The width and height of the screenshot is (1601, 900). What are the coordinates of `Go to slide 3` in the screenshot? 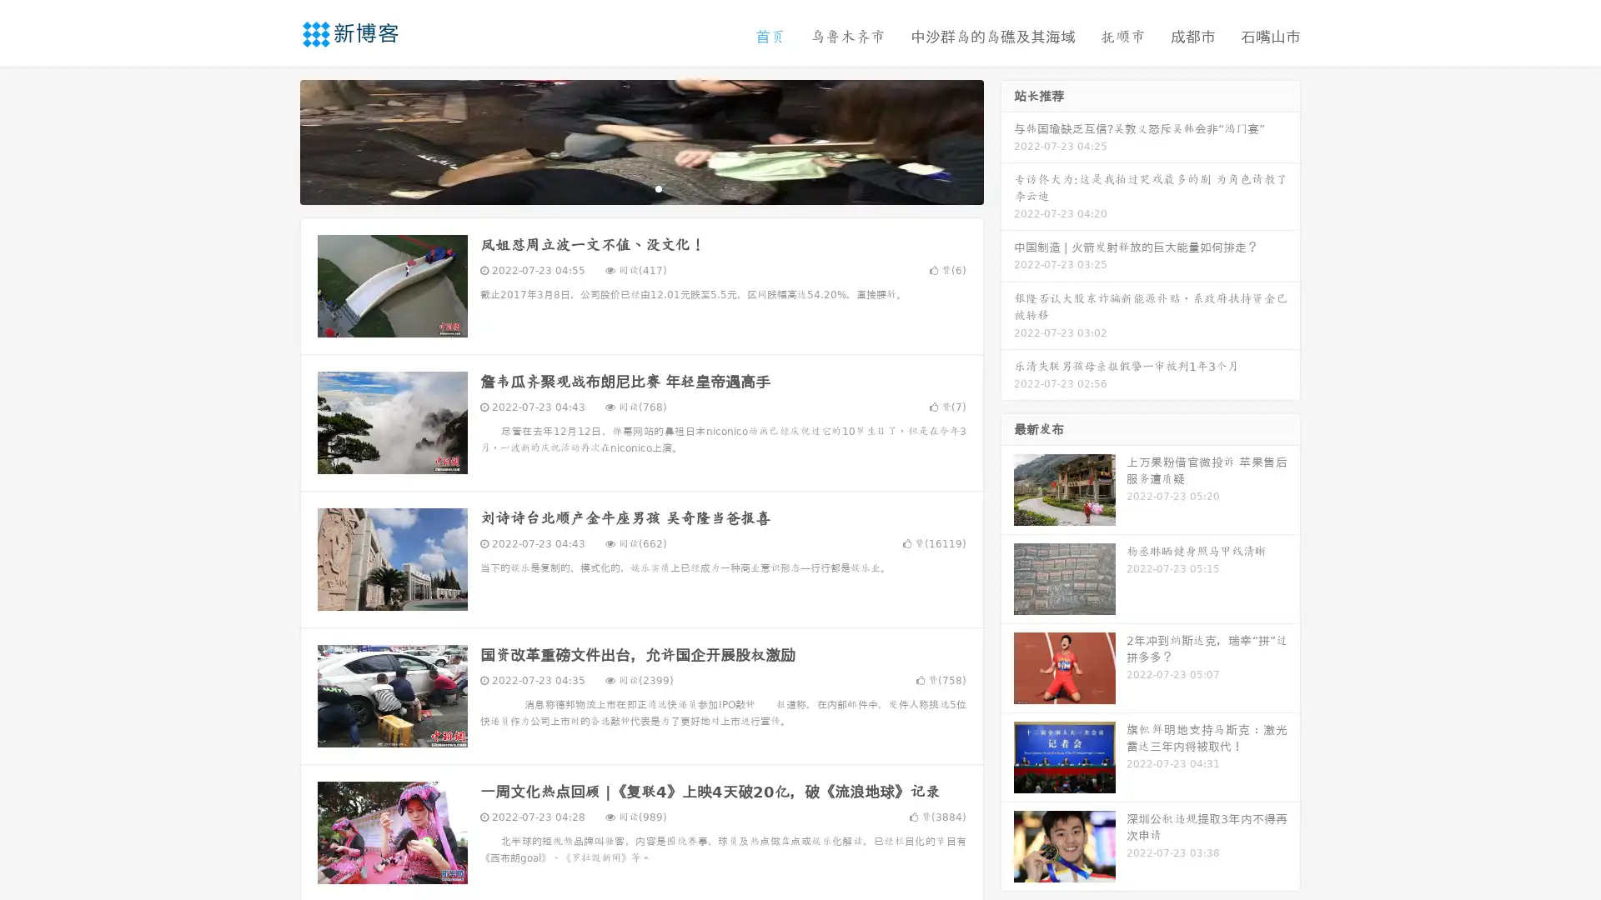 It's located at (658, 187).